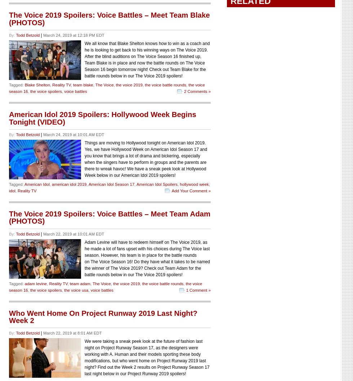 Image resolution: width=353 pixels, height=381 pixels. What do you see at coordinates (136, 184) in the screenshot?
I see `'American Idol Spoilers'` at bounding box center [136, 184].